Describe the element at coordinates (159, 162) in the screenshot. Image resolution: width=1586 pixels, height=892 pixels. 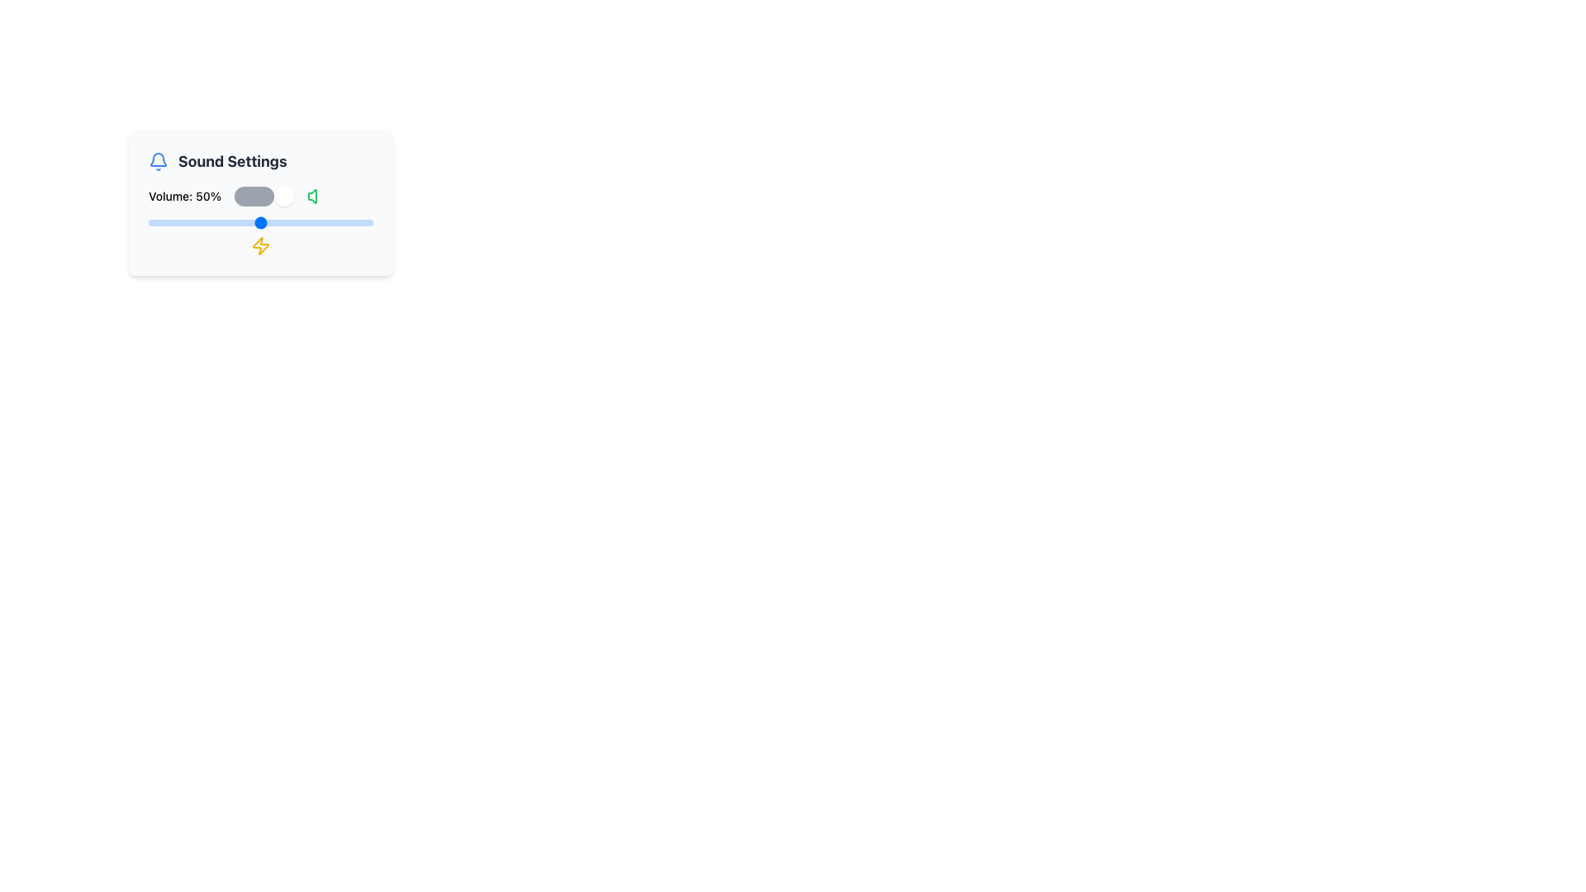
I see `the notification icon located at the far left of the 'Sound Settings' section, which visually indicates sound alerts` at that location.